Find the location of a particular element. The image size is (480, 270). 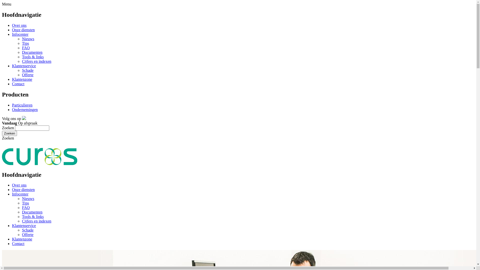

'Schade' is located at coordinates (27, 230).